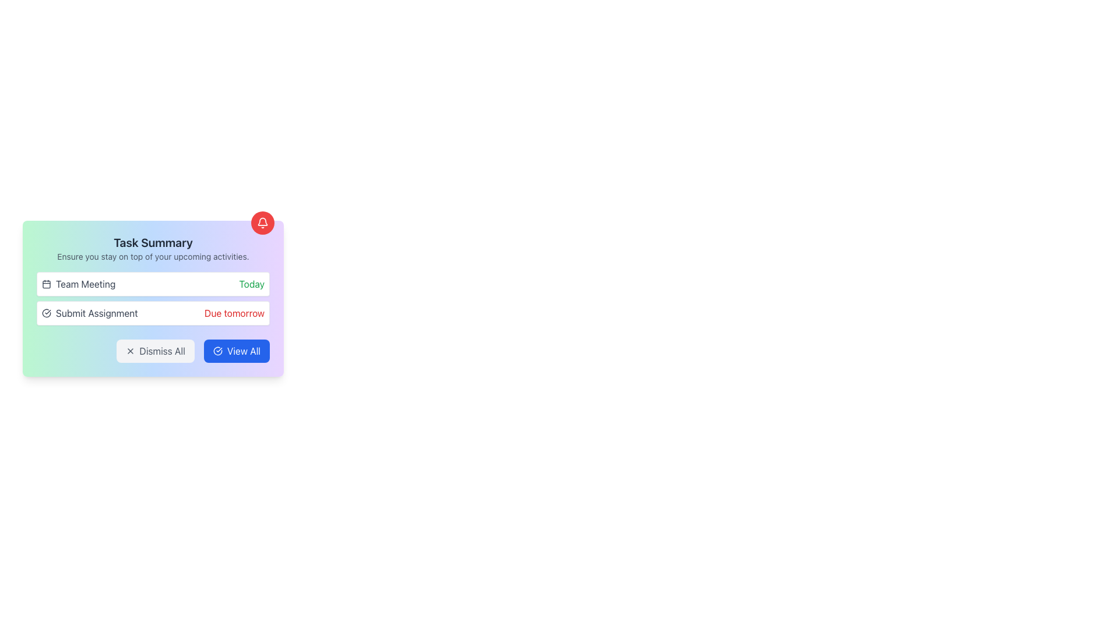  Describe the element at coordinates (262, 222) in the screenshot. I see `the bell-shaped icon in the top-right corner of the 'Task Summary' panel` at that location.